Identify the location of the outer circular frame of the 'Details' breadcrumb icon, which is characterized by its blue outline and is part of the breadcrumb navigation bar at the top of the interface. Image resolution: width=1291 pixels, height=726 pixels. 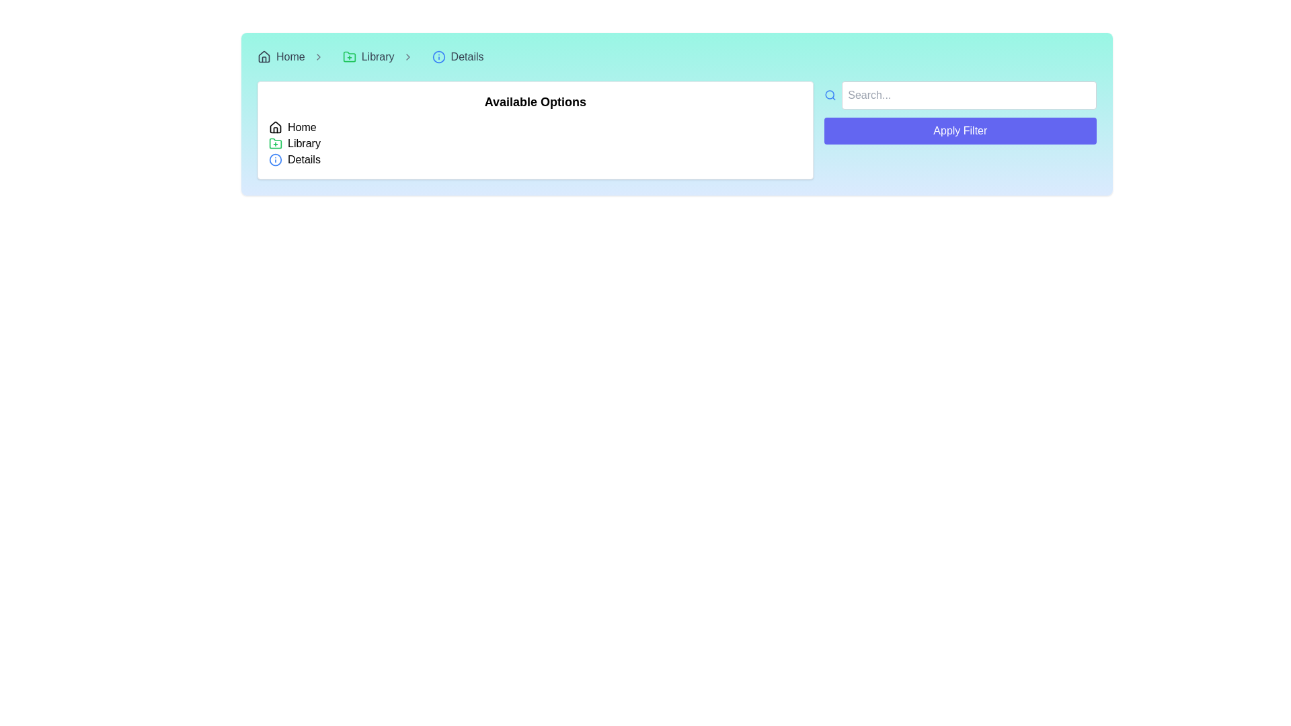
(438, 56).